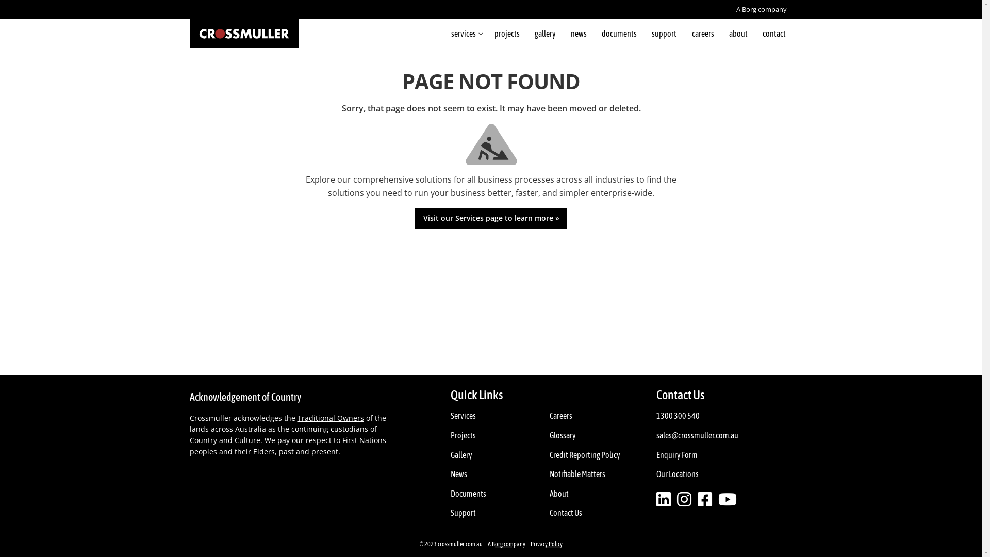 This screenshot has height=557, width=990. Describe the element at coordinates (506, 544) in the screenshot. I see `'A Borg company'` at that location.